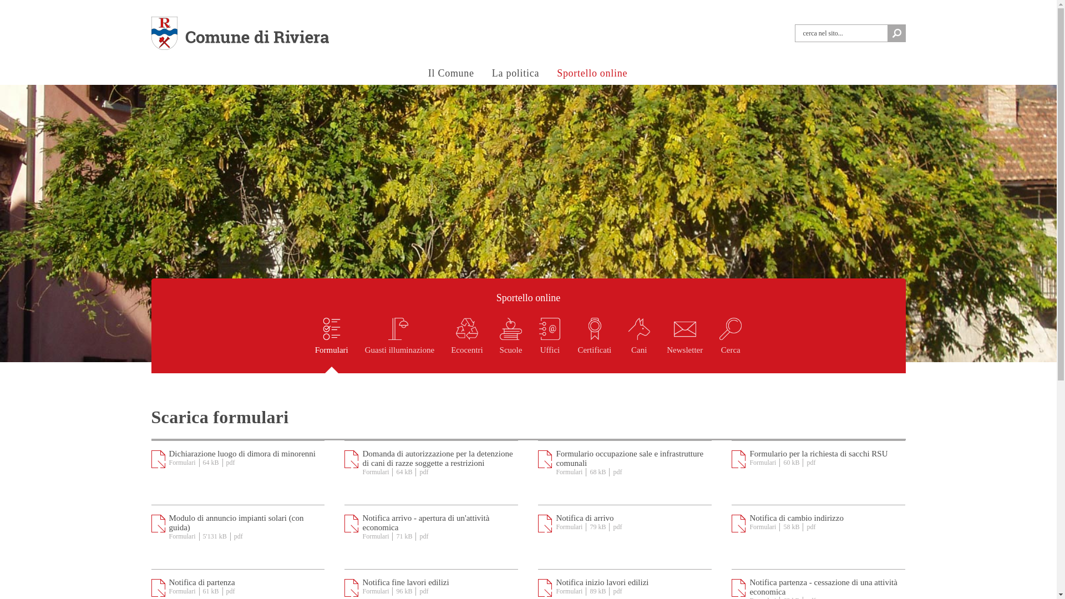 The height and width of the screenshot is (599, 1065). Describe the element at coordinates (594, 345) in the screenshot. I see `'Certificati'` at that location.